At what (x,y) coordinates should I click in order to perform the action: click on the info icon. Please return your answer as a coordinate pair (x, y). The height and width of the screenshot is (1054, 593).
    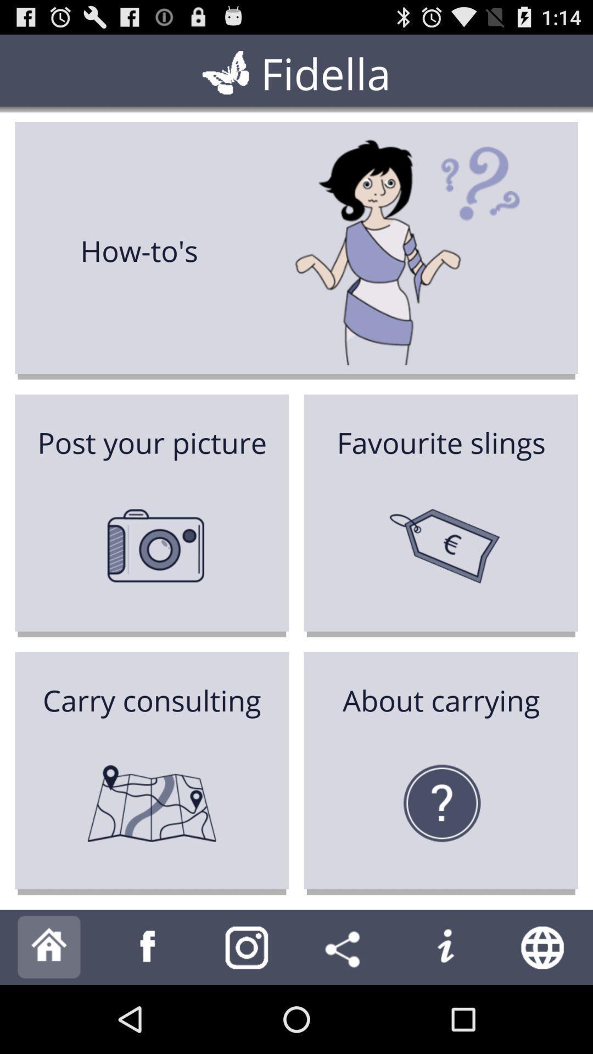
    Looking at the image, I should click on (445, 1013).